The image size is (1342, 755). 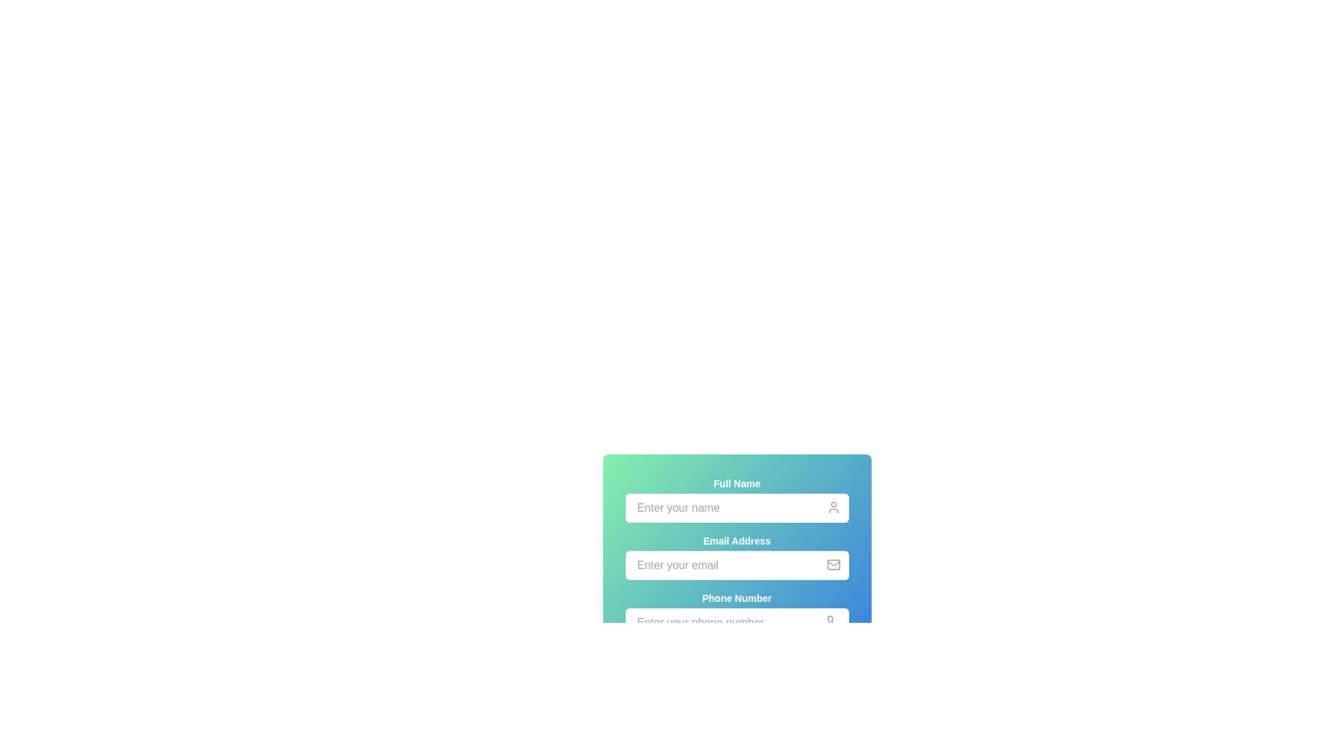 What do you see at coordinates (833, 563) in the screenshot?
I see `the envelope icon element, which is a minimalistic gray icon located at the right end of the email input field, aligned vertically to its middle` at bounding box center [833, 563].